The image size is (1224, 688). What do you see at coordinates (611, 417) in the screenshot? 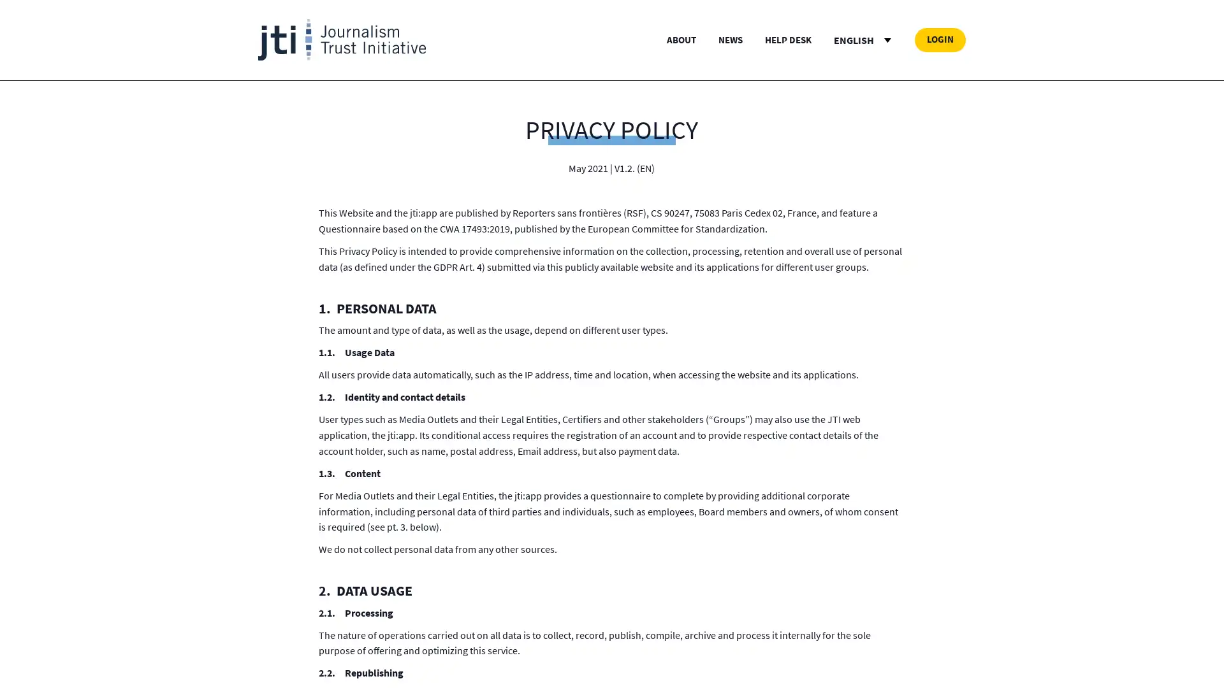
I see `Deny` at bounding box center [611, 417].